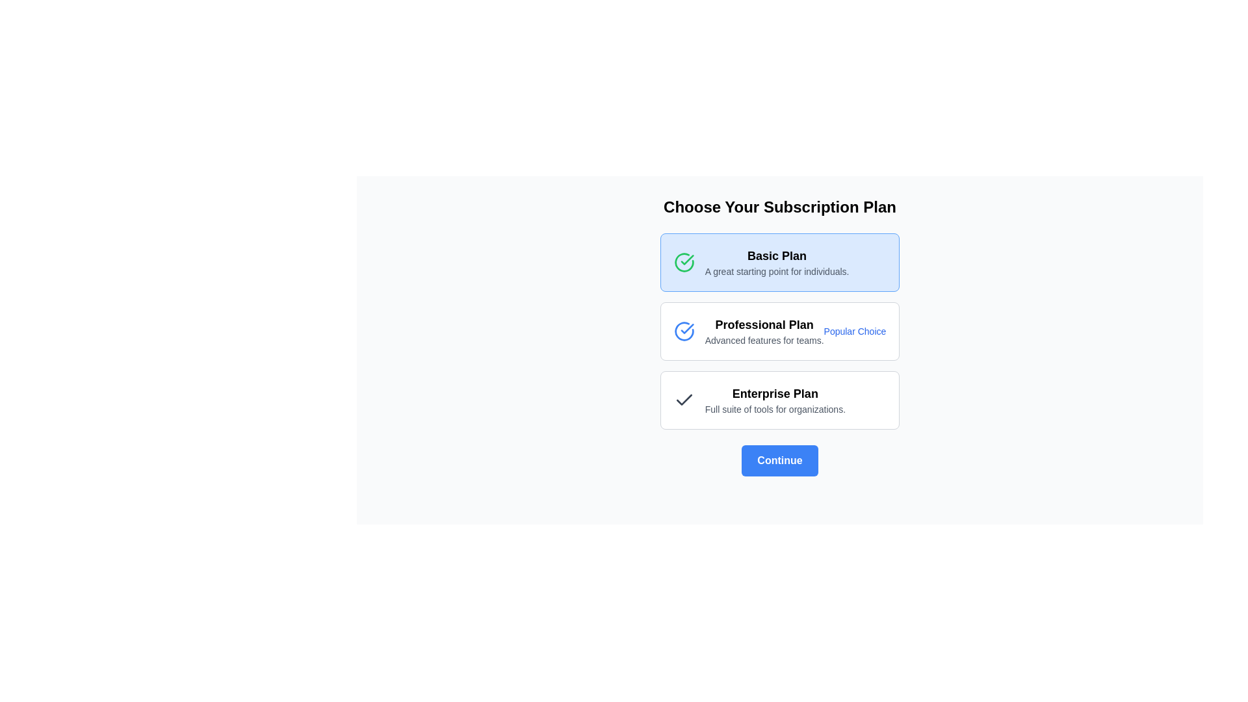 The width and height of the screenshot is (1248, 702). What do you see at coordinates (780, 263) in the screenshot?
I see `to select the 'Basic Plan' subscription option from the first card in the vertical selection list under 'Choose Your Subscription Plan'` at bounding box center [780, 263].